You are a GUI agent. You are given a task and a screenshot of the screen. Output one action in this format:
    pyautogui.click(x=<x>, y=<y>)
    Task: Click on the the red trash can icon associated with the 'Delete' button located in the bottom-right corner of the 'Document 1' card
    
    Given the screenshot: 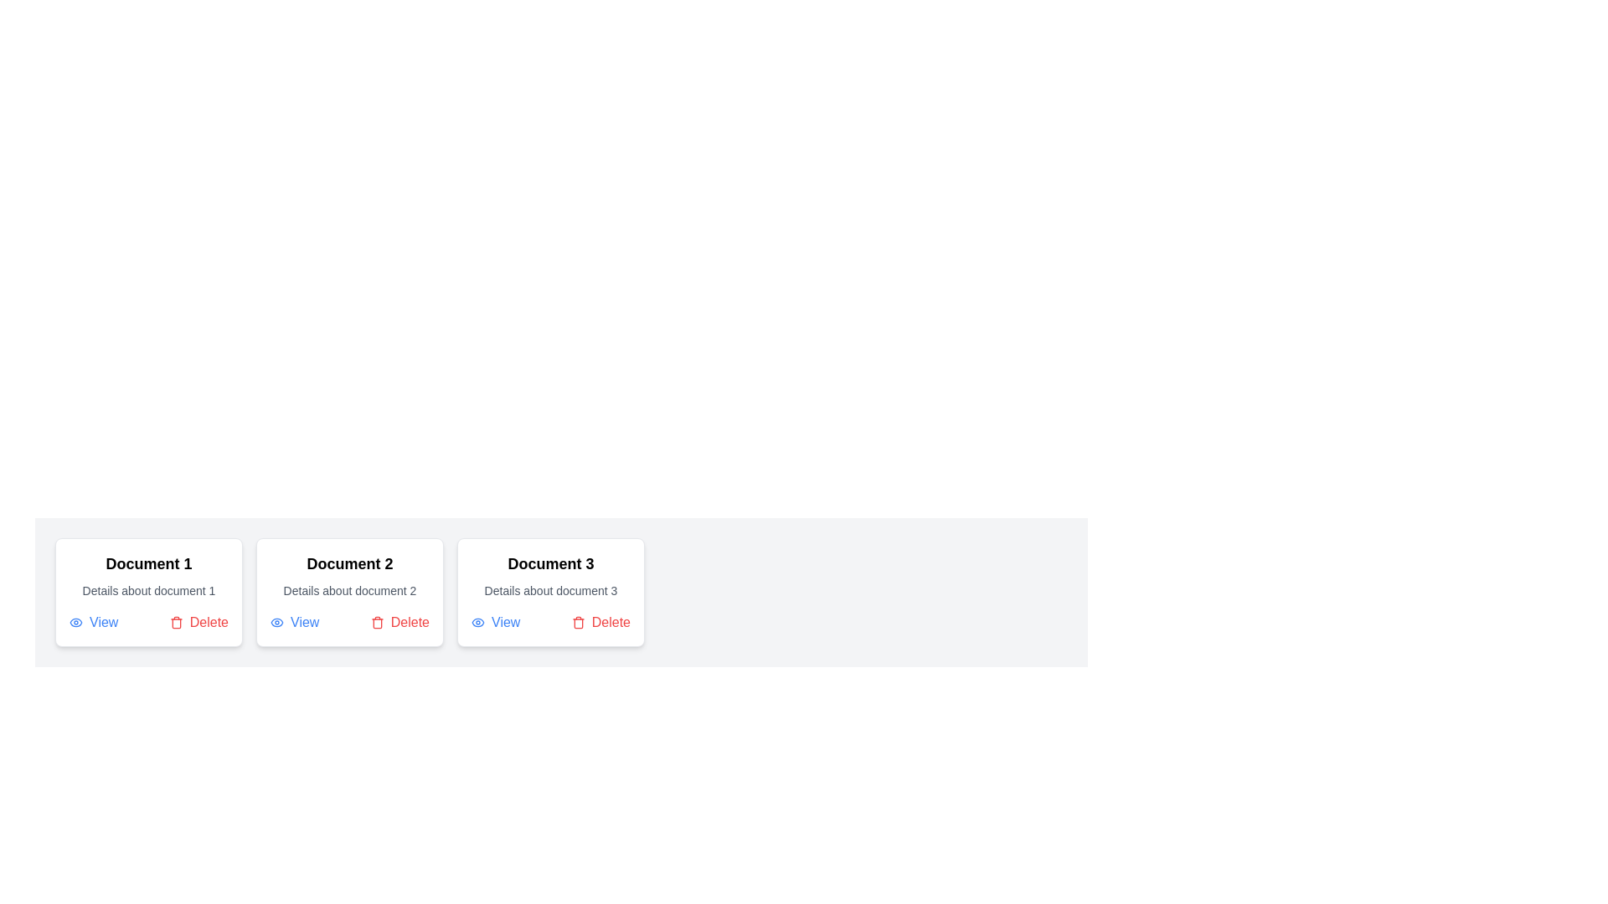 What is the action you would take?
    pyautogui.click(x=176, y=623)
    